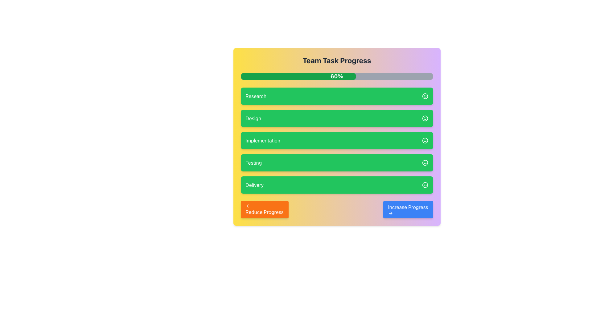 This screenshot has height=333, width=592. Describe the element at coordinates (247, 206) in the screenshot. I see `the leftward-pointing arrow icon within the 'Reduce Progress' button, which visually indicates a decrement operation` at that location.